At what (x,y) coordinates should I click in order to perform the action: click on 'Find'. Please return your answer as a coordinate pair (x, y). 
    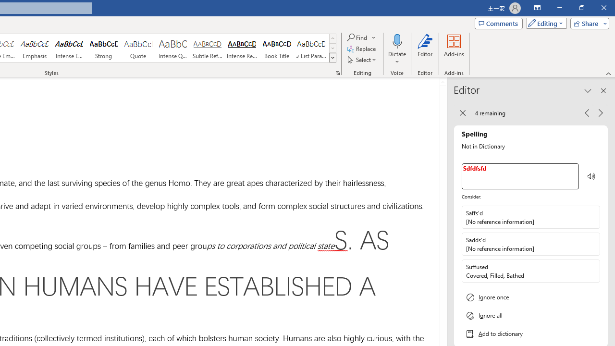
    Looking at the image, I should click on (361, 37).